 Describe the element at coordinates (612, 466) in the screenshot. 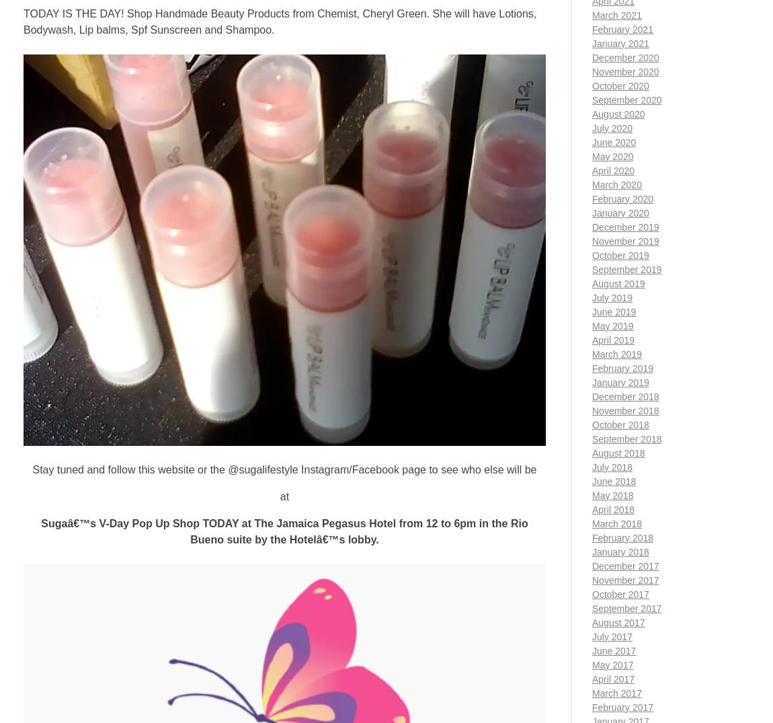

I see `'July 2018'` at that location.